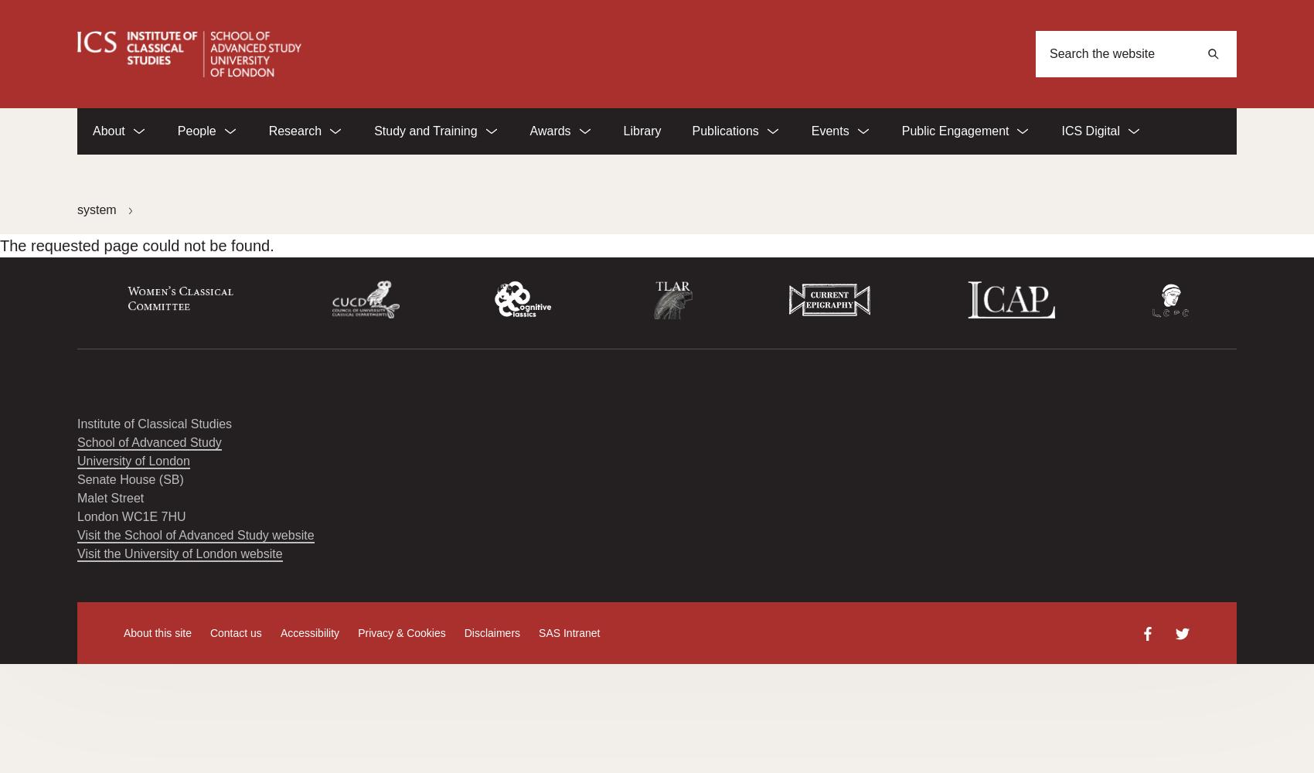  Describe the element at coordinates (725, 131) in the screenshot. I see `'Publications'` at that location.